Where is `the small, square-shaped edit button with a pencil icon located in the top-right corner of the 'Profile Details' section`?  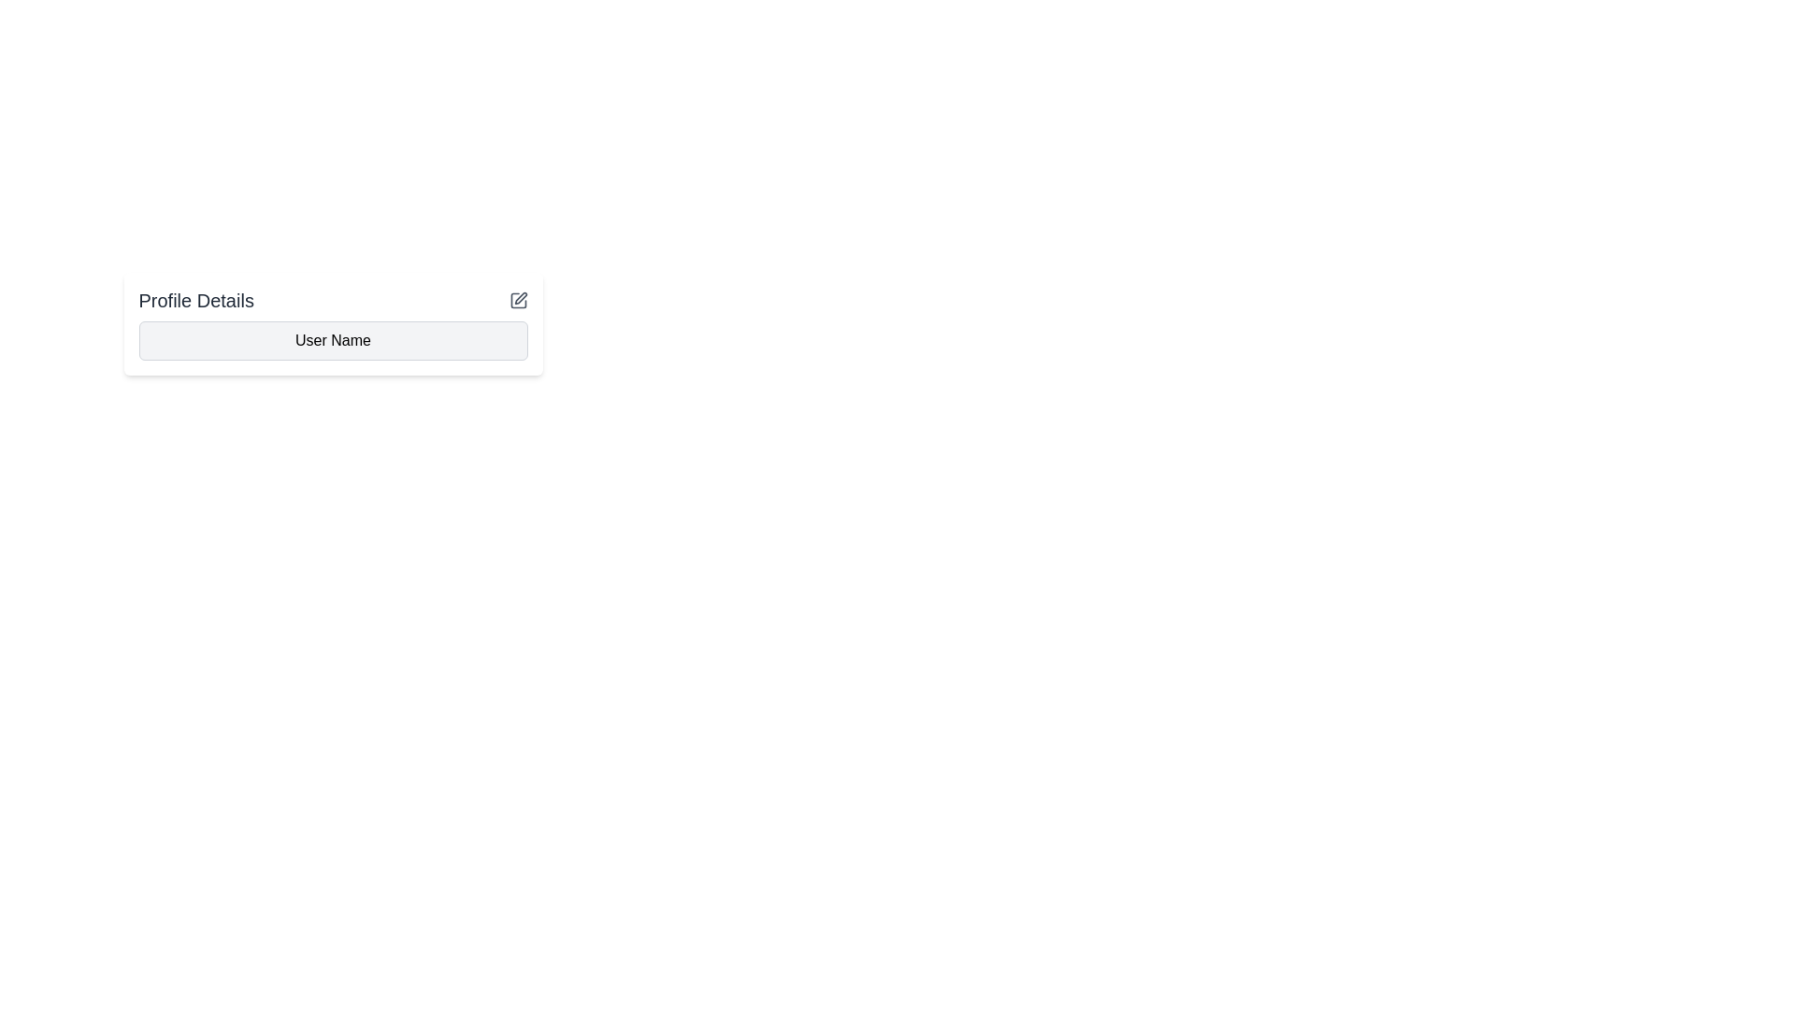
the small, square-shaped edit button with a pencil icon located in the top-right corner of the 'Profile Details' section is located at coordinates (518, 299).